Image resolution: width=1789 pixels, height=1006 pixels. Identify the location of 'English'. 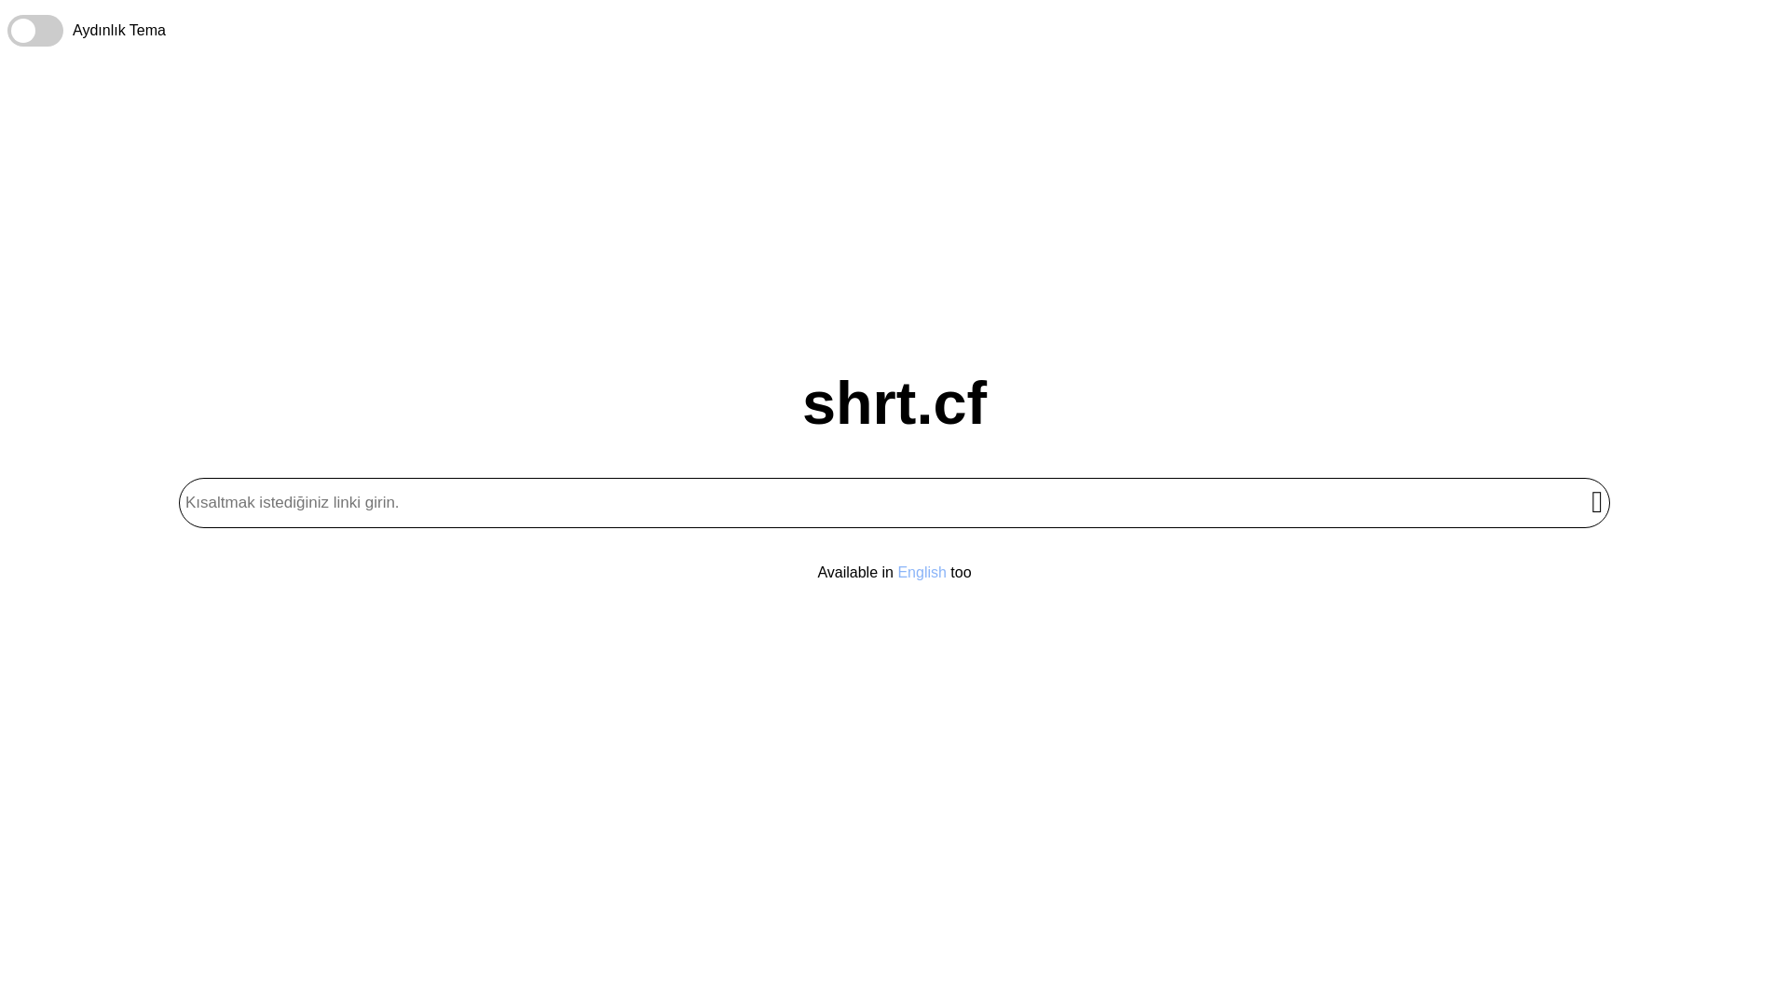
(921, 571).